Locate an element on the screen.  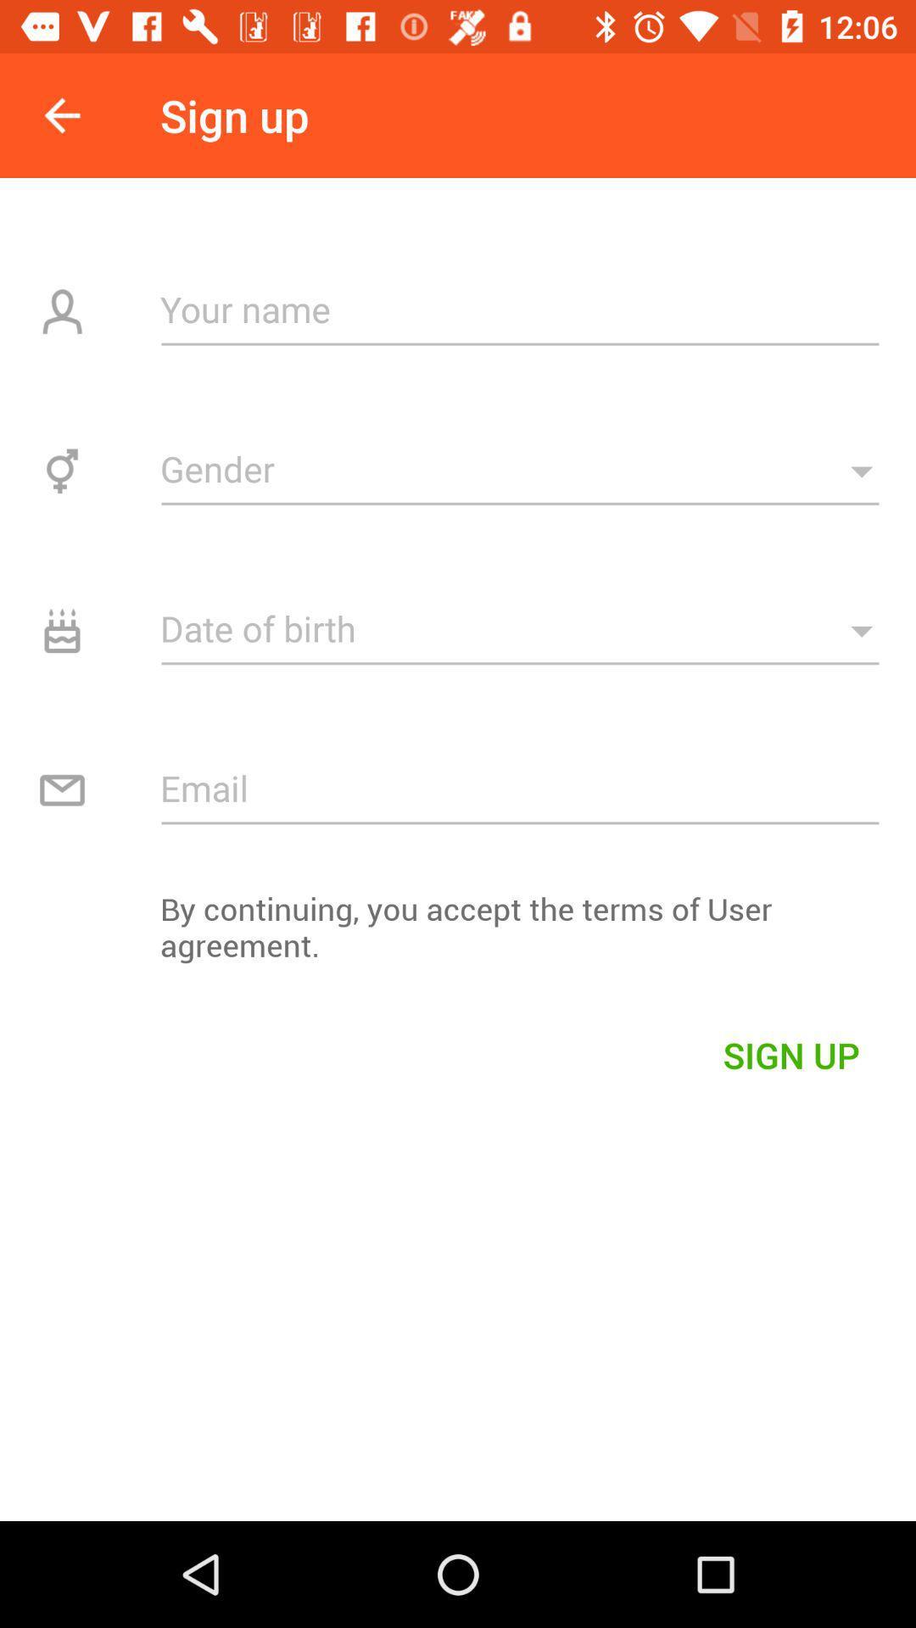
go back is located at coordinates (61, 114).